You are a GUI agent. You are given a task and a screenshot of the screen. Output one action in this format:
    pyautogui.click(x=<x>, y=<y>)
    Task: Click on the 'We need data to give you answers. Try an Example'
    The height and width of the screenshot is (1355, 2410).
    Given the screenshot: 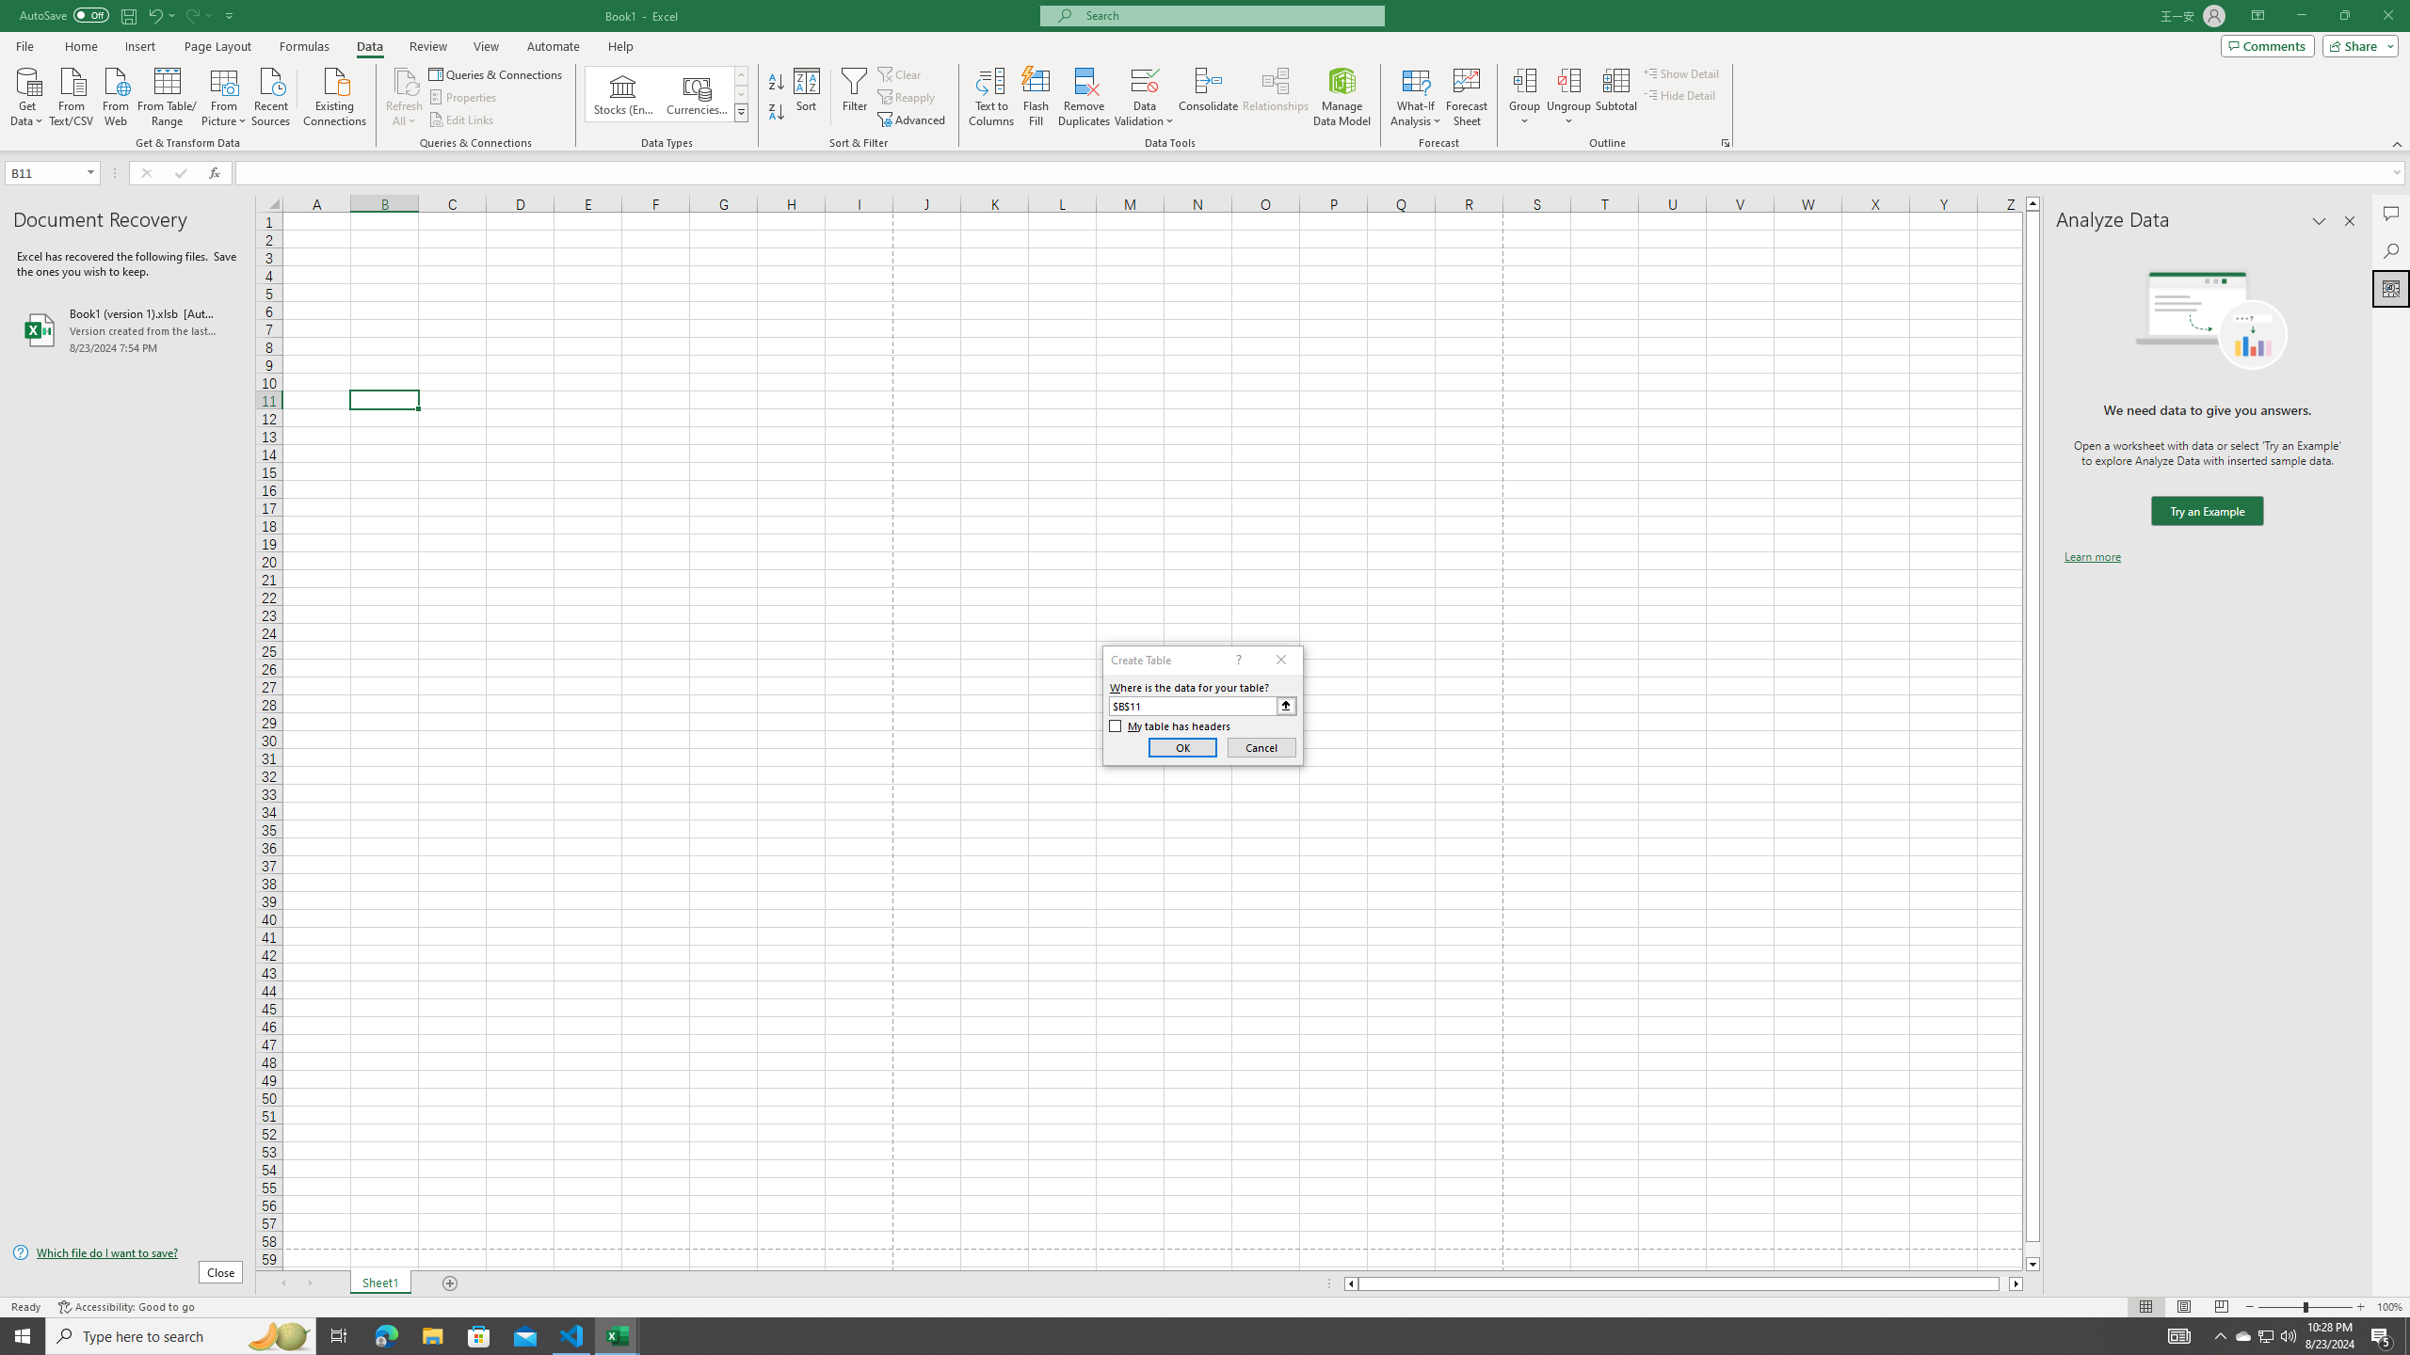 What is the action you would take?
    pyautogui.click(x=2206, y=511)
    